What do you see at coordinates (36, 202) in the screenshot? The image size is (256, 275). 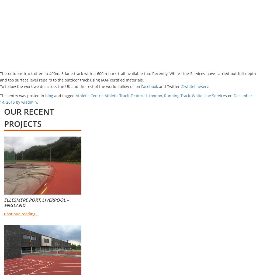 I see `'Ellesmere Port, Liverpool – England'` at bounding box center [36, 202].